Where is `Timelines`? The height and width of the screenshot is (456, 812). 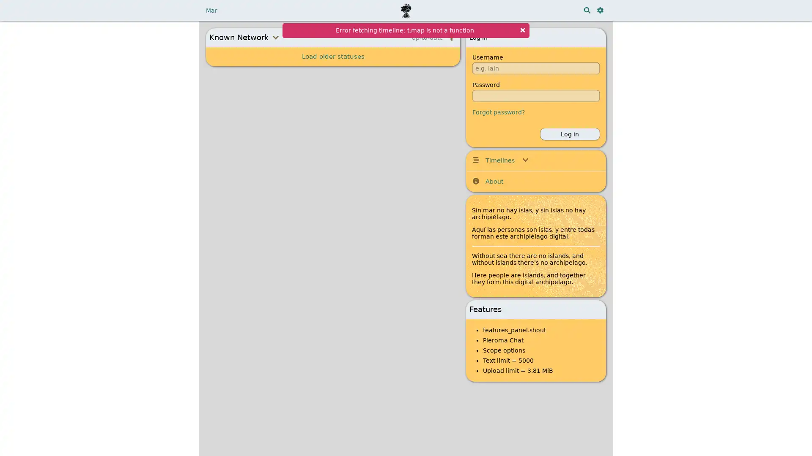
Timelines is located at coordinates (535, 160).